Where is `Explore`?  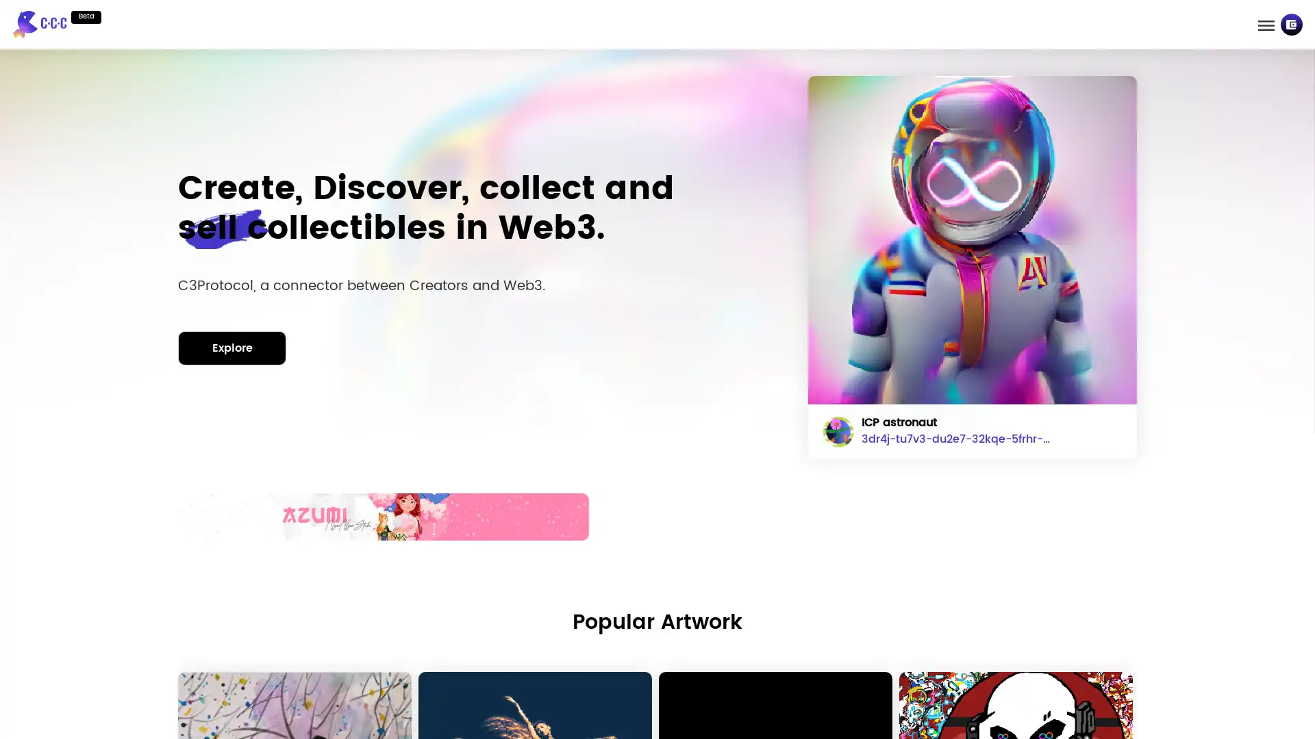 Explore is located at coordinates (232, 347).